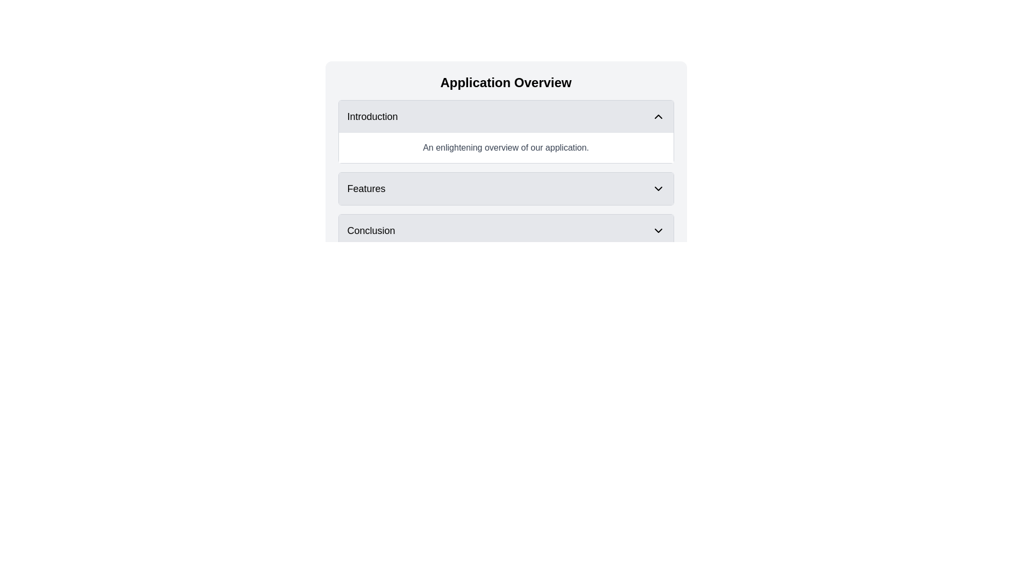 The height and width of the screenshot is (581, 1033). What do you see at coordinates (505, 147) in the screenshot?
I see `the text element reading 'An enlightening overview of our application.' which is positioned below the 'Introduction' header in the collapsible section` at bounding box center [505, 147].